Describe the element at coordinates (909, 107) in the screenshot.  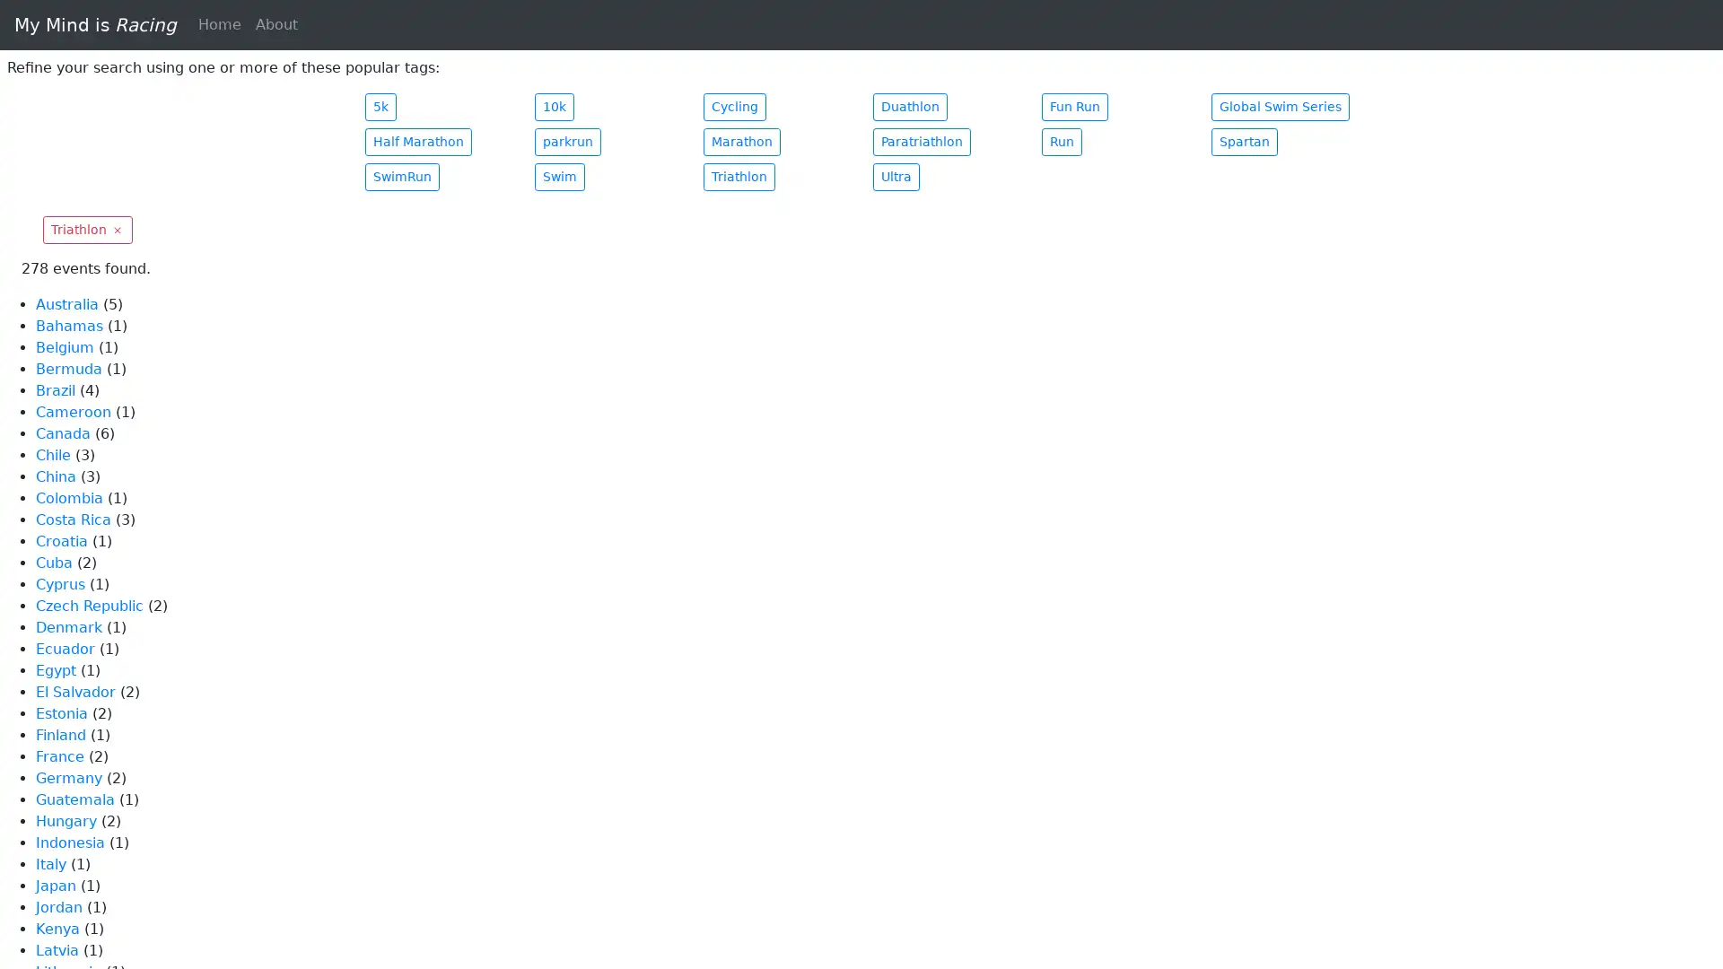
I see `Duathlon` at that location.